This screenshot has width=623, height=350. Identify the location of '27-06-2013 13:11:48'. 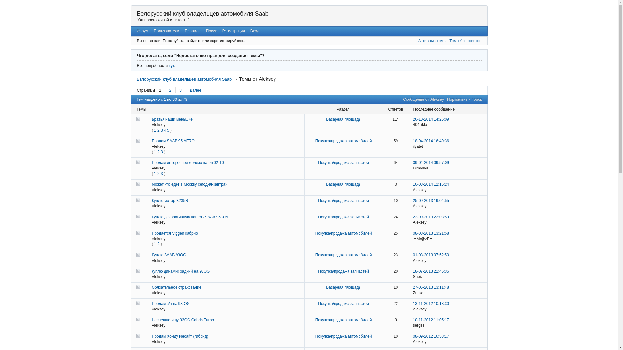
(431, 287).